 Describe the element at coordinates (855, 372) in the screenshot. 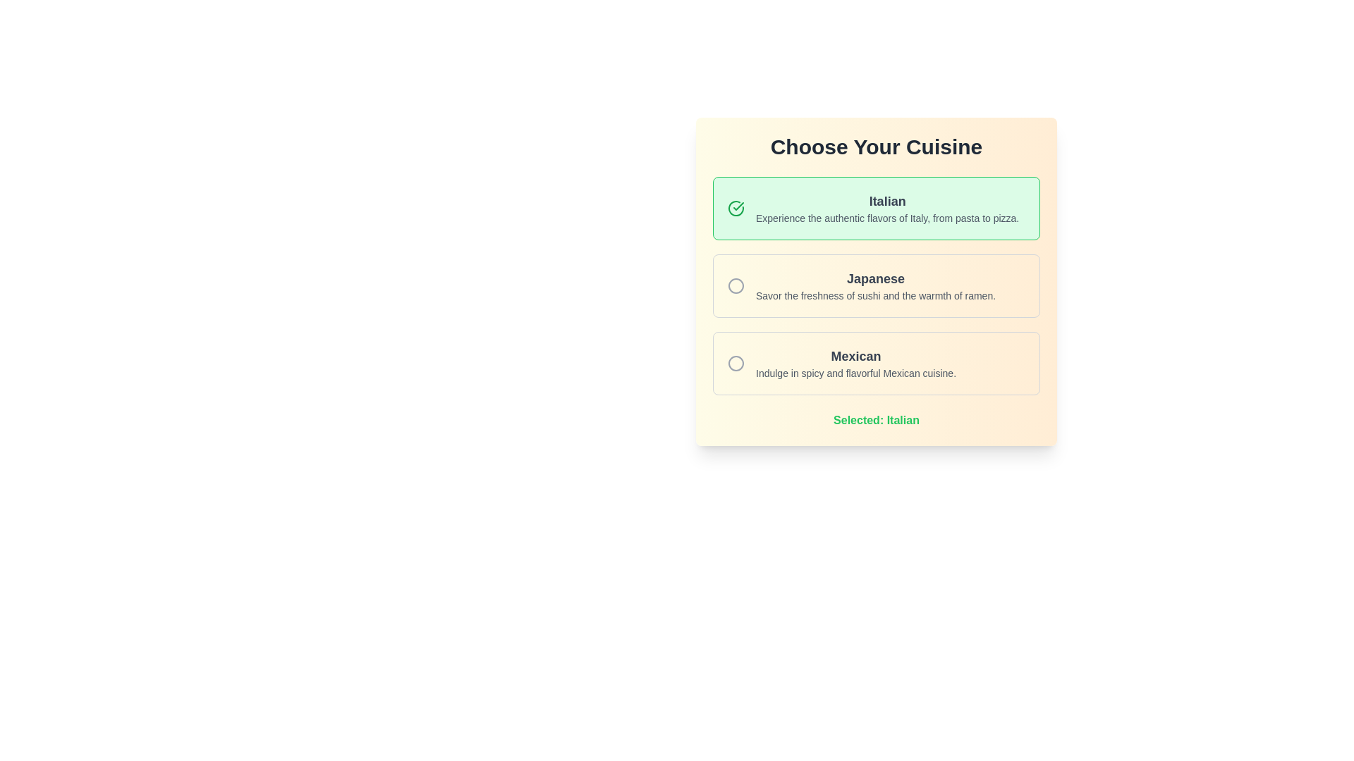

I see `descriptive text 'Indulge in spicy and flavorful Mexican cuisine.' located below the header 'Mexican' in the selection panel` at that location.